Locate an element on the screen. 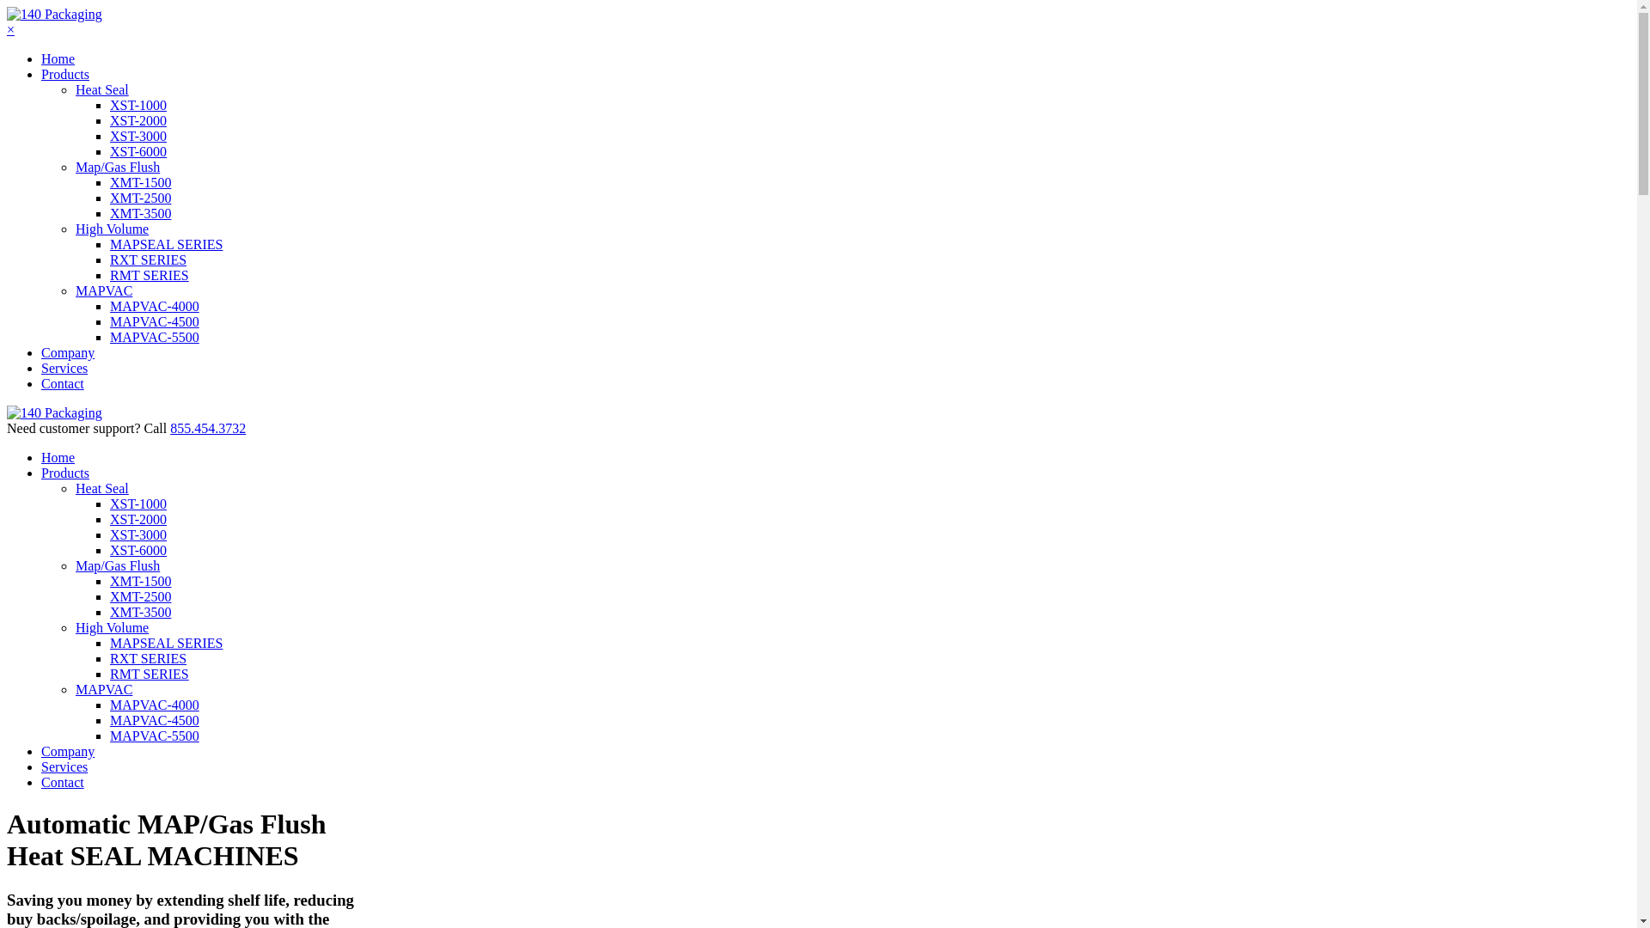 Image resolution: width=1650 pixels, height=928 pixels. 'XMT-1500' is located at coordinates (140, 182).